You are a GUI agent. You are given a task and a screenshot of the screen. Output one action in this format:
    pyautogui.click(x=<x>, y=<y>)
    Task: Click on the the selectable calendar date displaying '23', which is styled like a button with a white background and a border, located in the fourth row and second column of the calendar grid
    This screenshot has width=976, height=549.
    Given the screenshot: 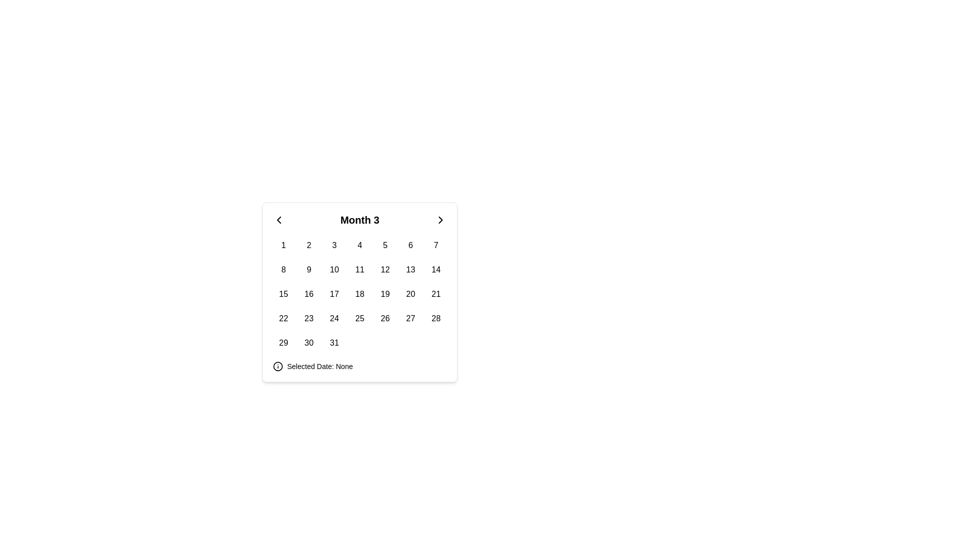 What is the action you would take?
    pyautogui.click(x=309, y=318)
    